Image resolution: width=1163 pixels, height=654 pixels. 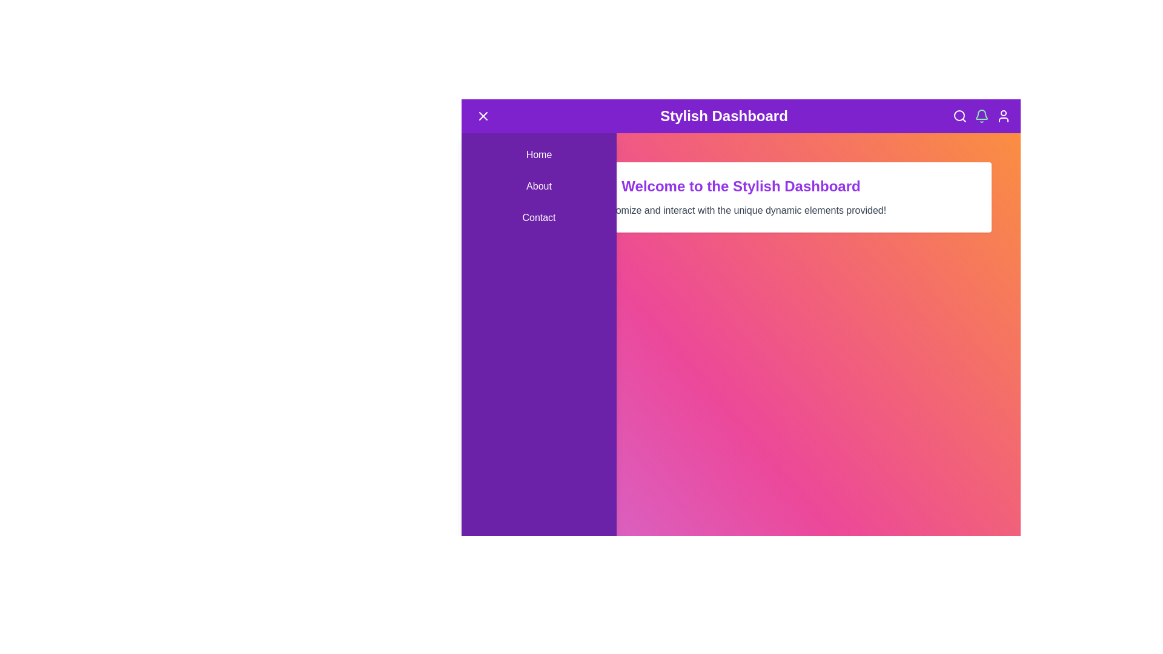 I want to click on the header title 'Stylish Dashboard' to focus or interact with it, so click(x=724, y=116).